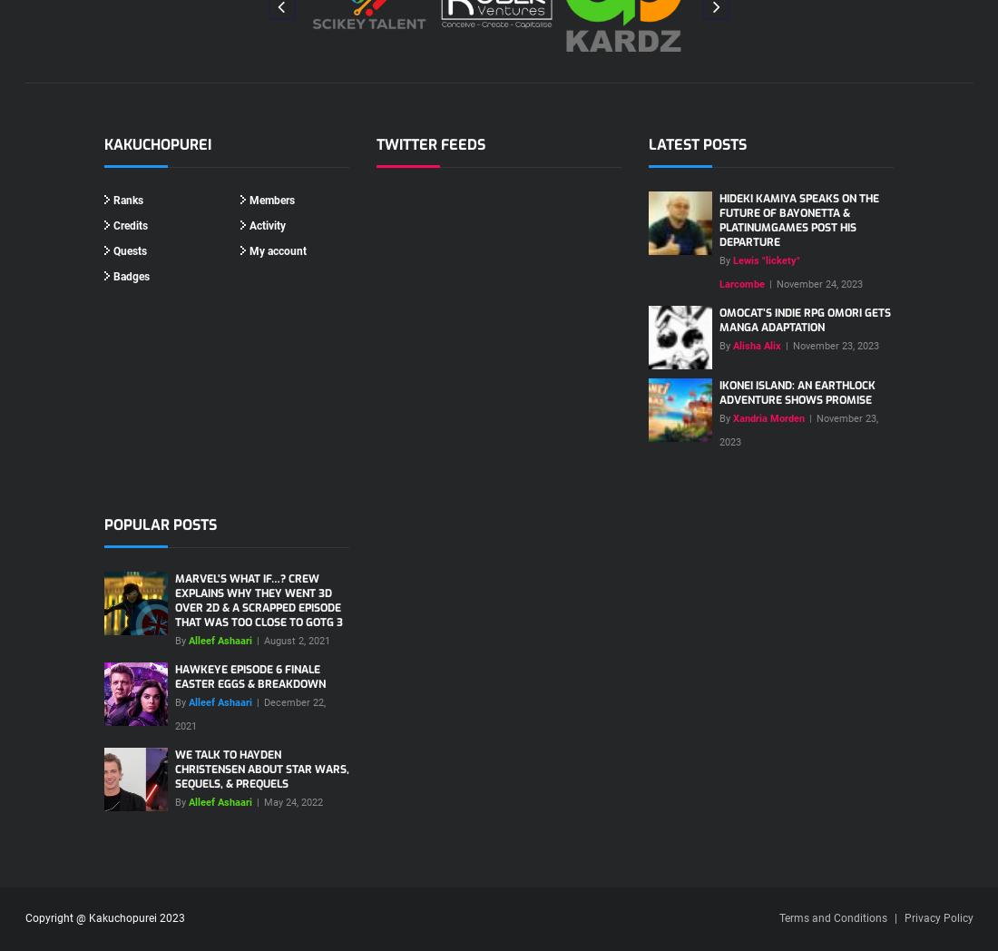 This screenshot has height=951, width=998. I want to click on 'Credits', so click(129, 224).